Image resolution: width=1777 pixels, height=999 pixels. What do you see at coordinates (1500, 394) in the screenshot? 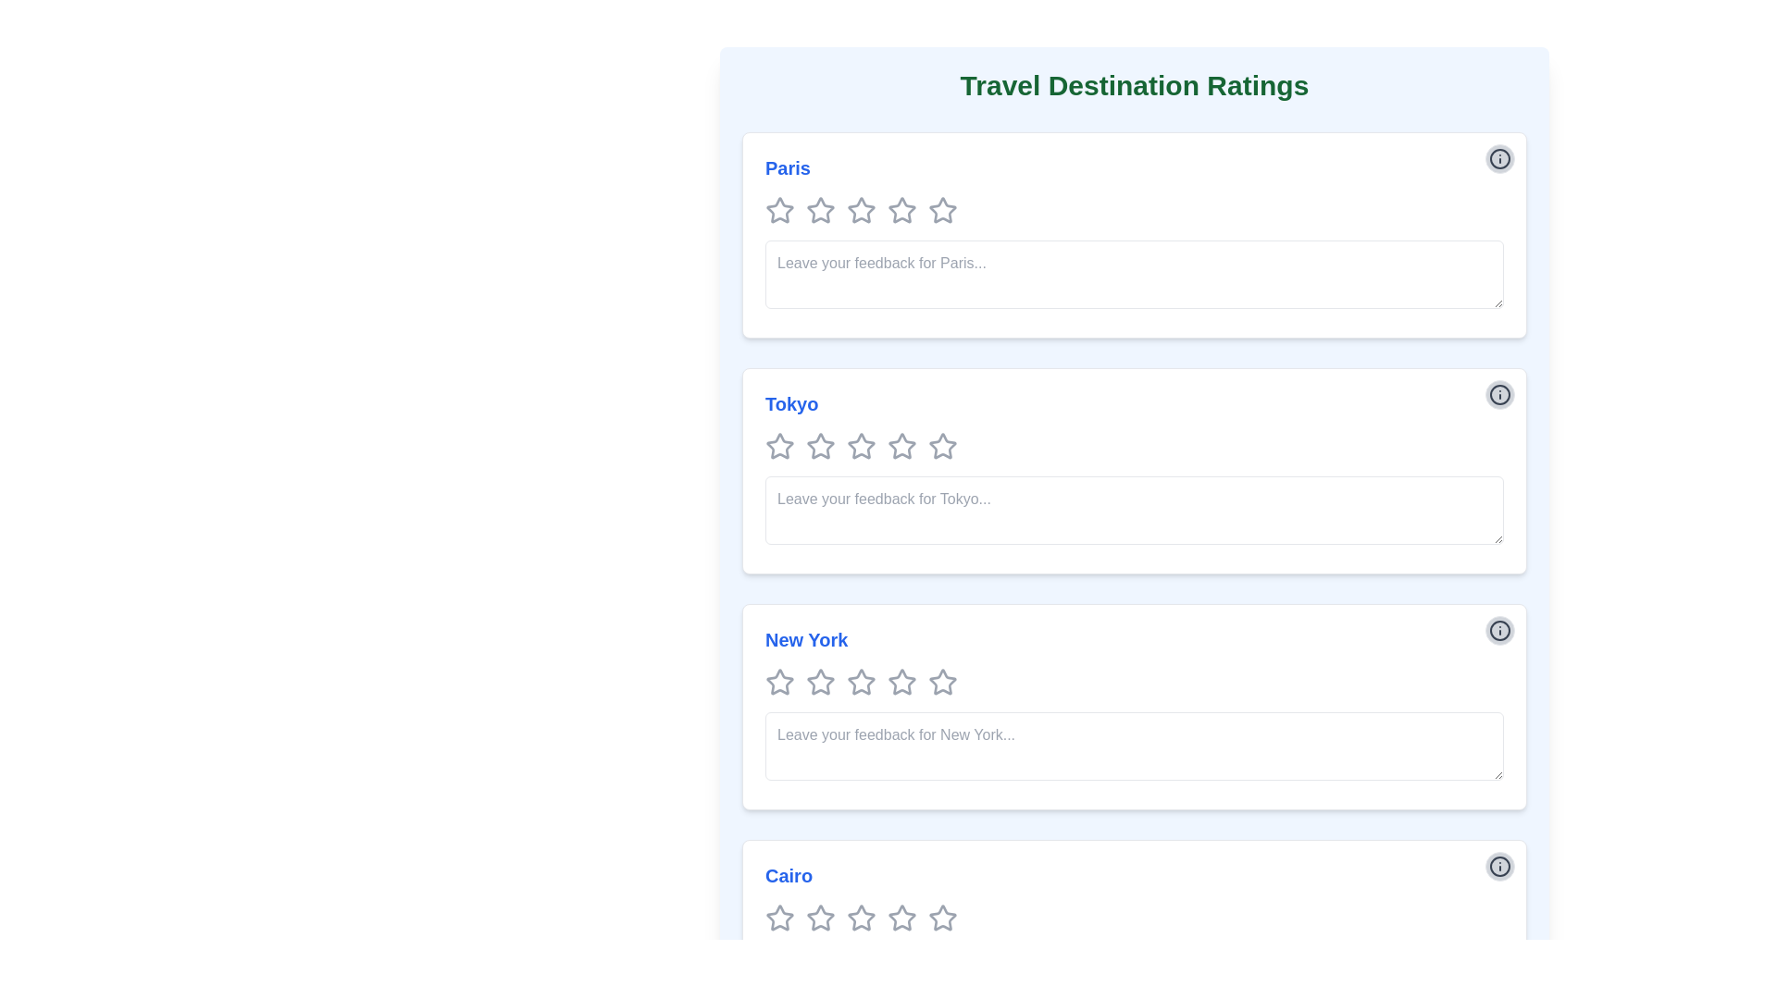
I see `the information icon located at the top right corner of the second section labeled 'Tokyo', which is positioned above the feedback input area` at bounding box center [1500, 394].